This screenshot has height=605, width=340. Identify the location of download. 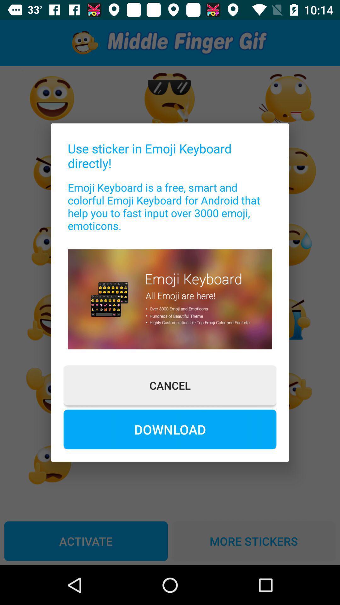
(170, 429).